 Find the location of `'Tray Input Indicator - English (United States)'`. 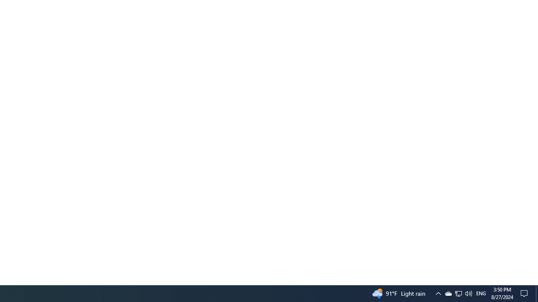

'Tray Input Indicator - English (United States)' is located at coordinates (481, 293).